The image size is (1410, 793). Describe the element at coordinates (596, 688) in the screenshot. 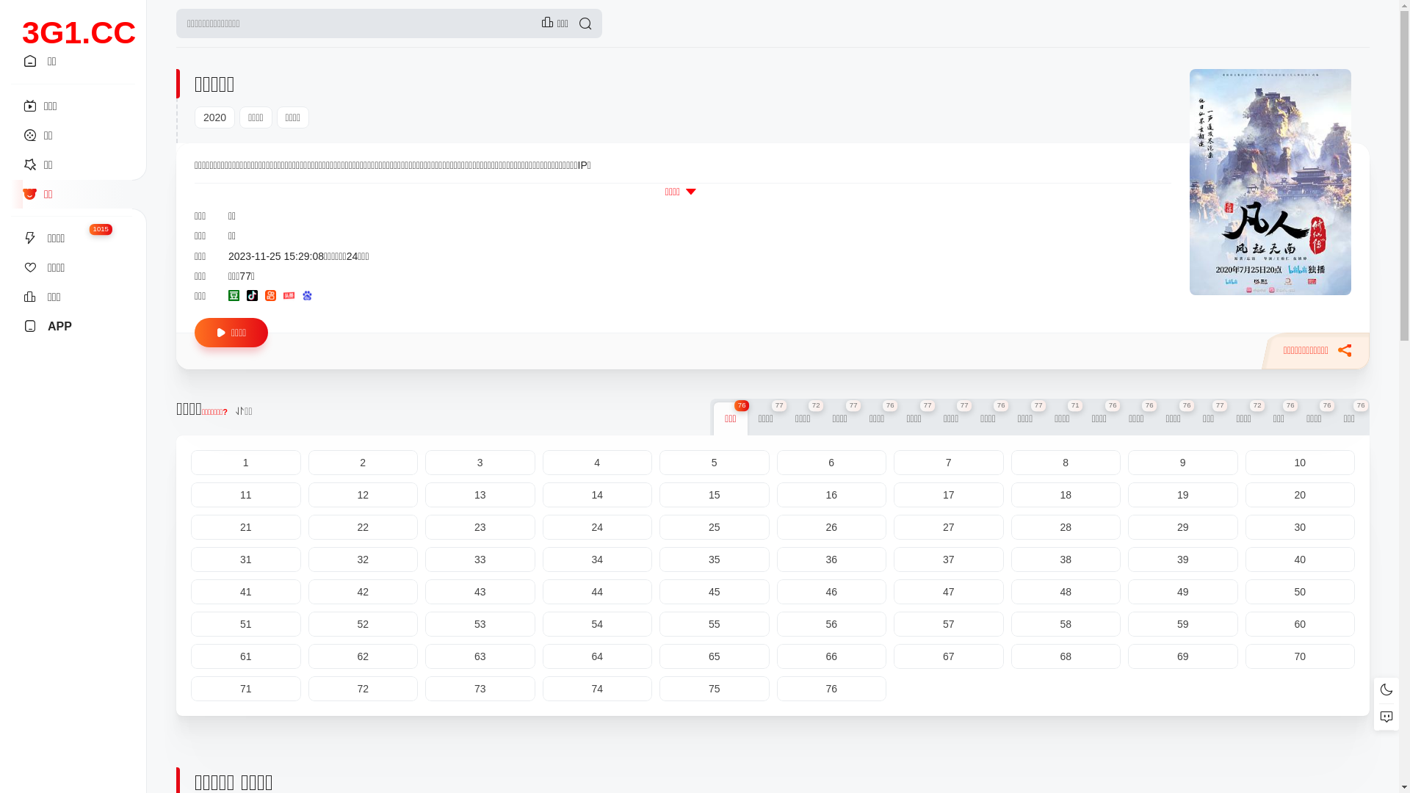

I see `'74'` at that location.